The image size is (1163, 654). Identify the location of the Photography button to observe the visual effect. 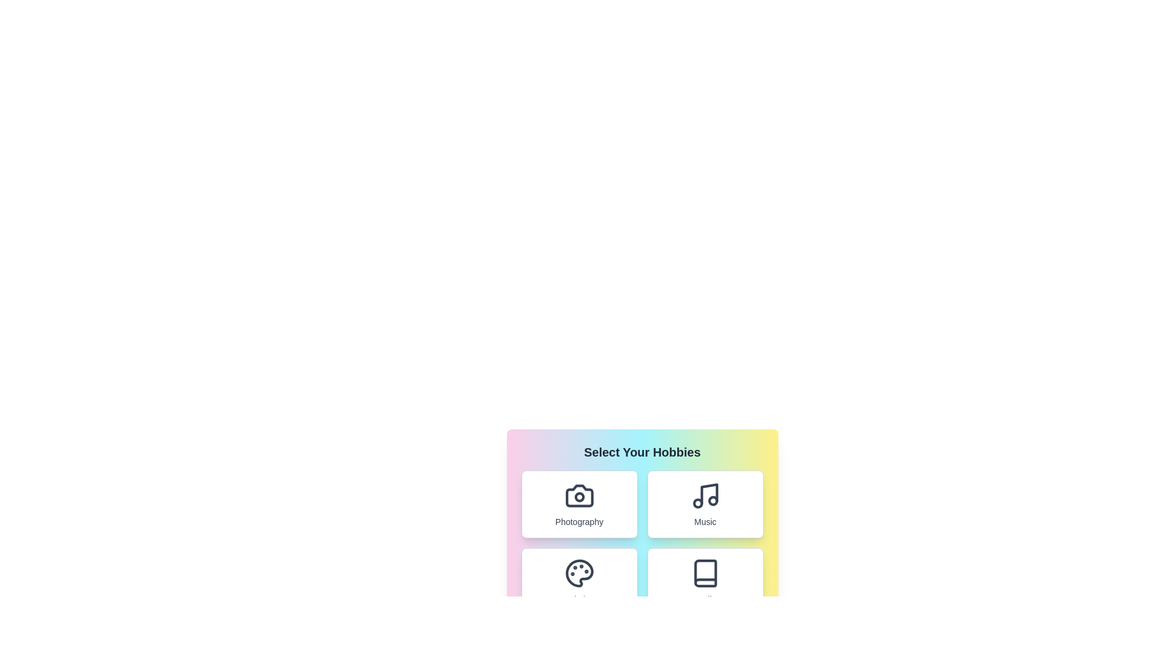
(578, 504).